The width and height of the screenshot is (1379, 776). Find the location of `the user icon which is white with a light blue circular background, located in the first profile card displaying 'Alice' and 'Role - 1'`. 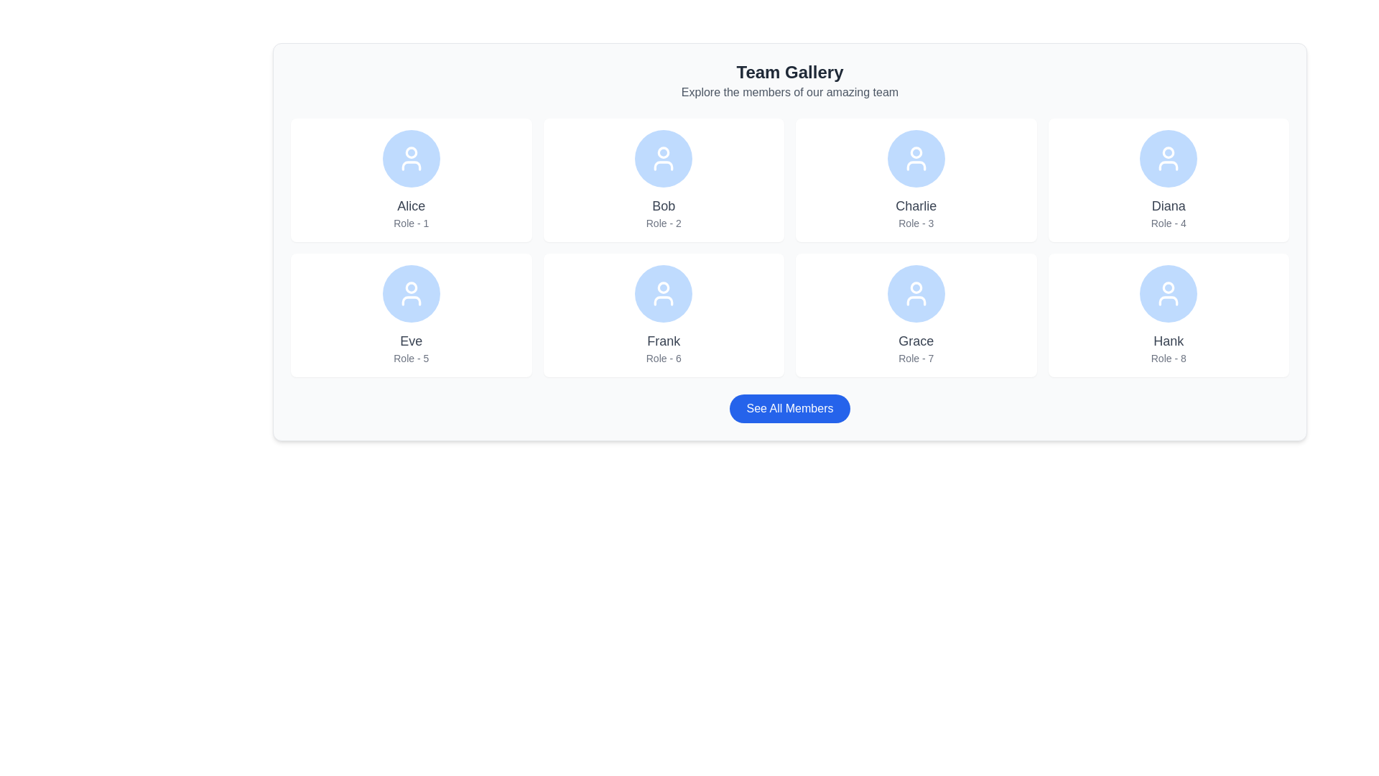

the user icon which is white with a light blue circular background, located in the first profile card displaying 'Alice' and 'Role - 1' is located at coordinates (410, 158).